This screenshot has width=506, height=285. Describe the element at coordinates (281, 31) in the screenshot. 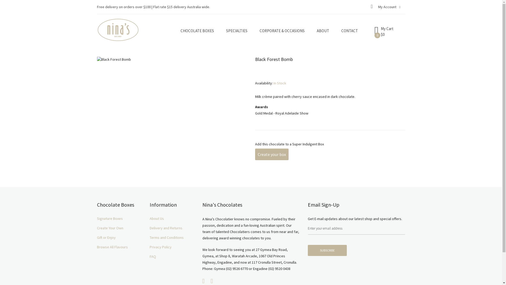

I see `'CORPORATE & OCCASIONS'` at that location.